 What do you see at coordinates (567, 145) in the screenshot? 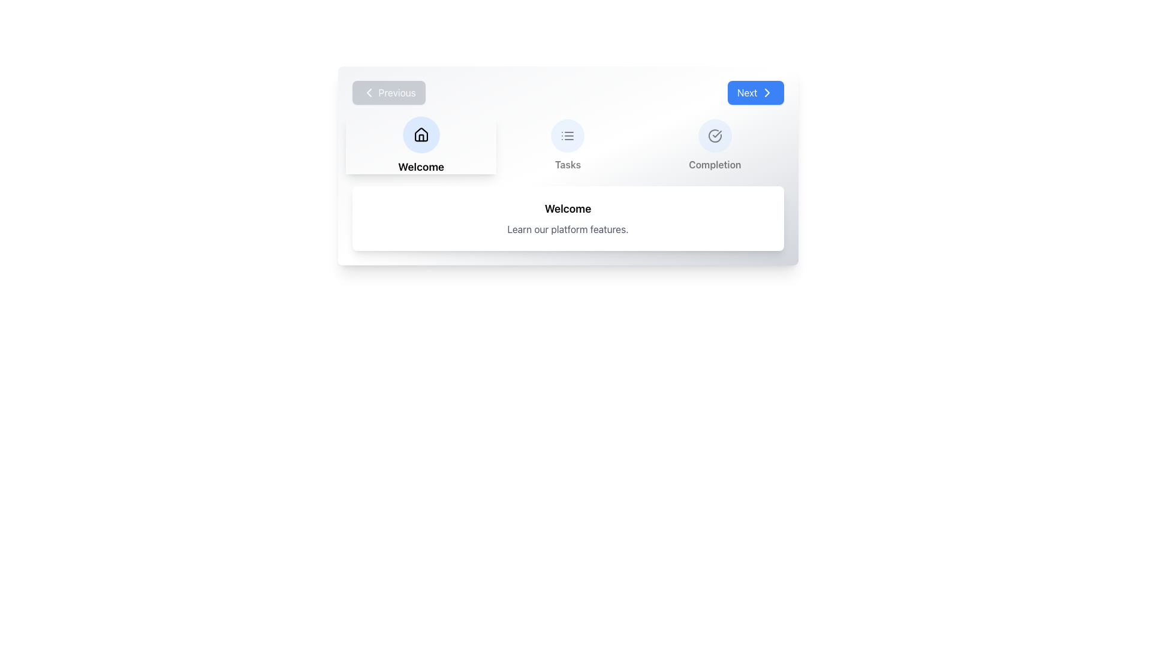
I see `the navigation tile located in the upper-middle portion of the view, between the 'Welcome' tile on the left and the 'Completion' tile on the right` at bounding box center [567, 145].